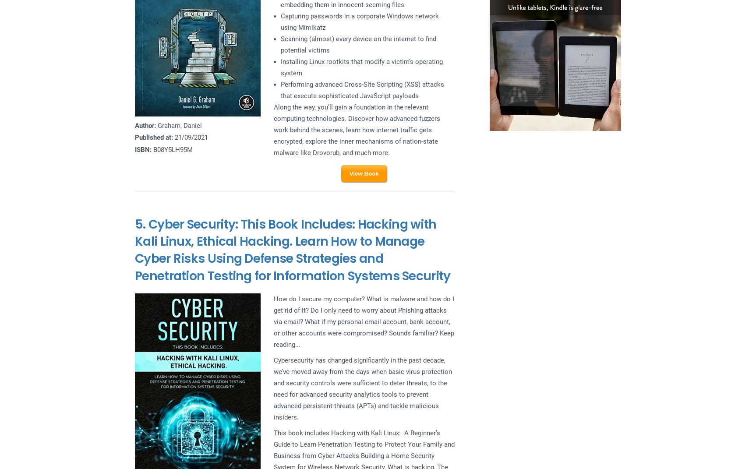 The width and height of the screenshot is (756, 469). I want to click on '5.', so click(141, 224).